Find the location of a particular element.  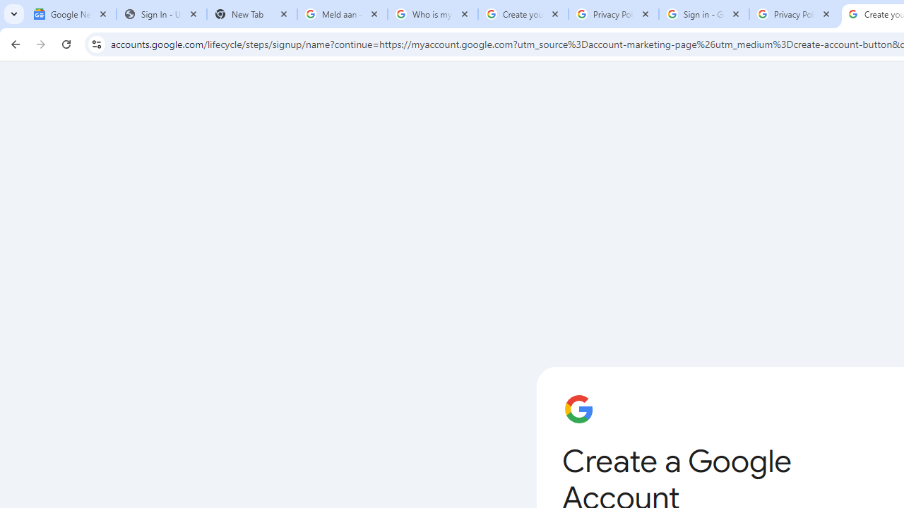

'Sign in - Google Accounts' is located at coordinates (704, 14).